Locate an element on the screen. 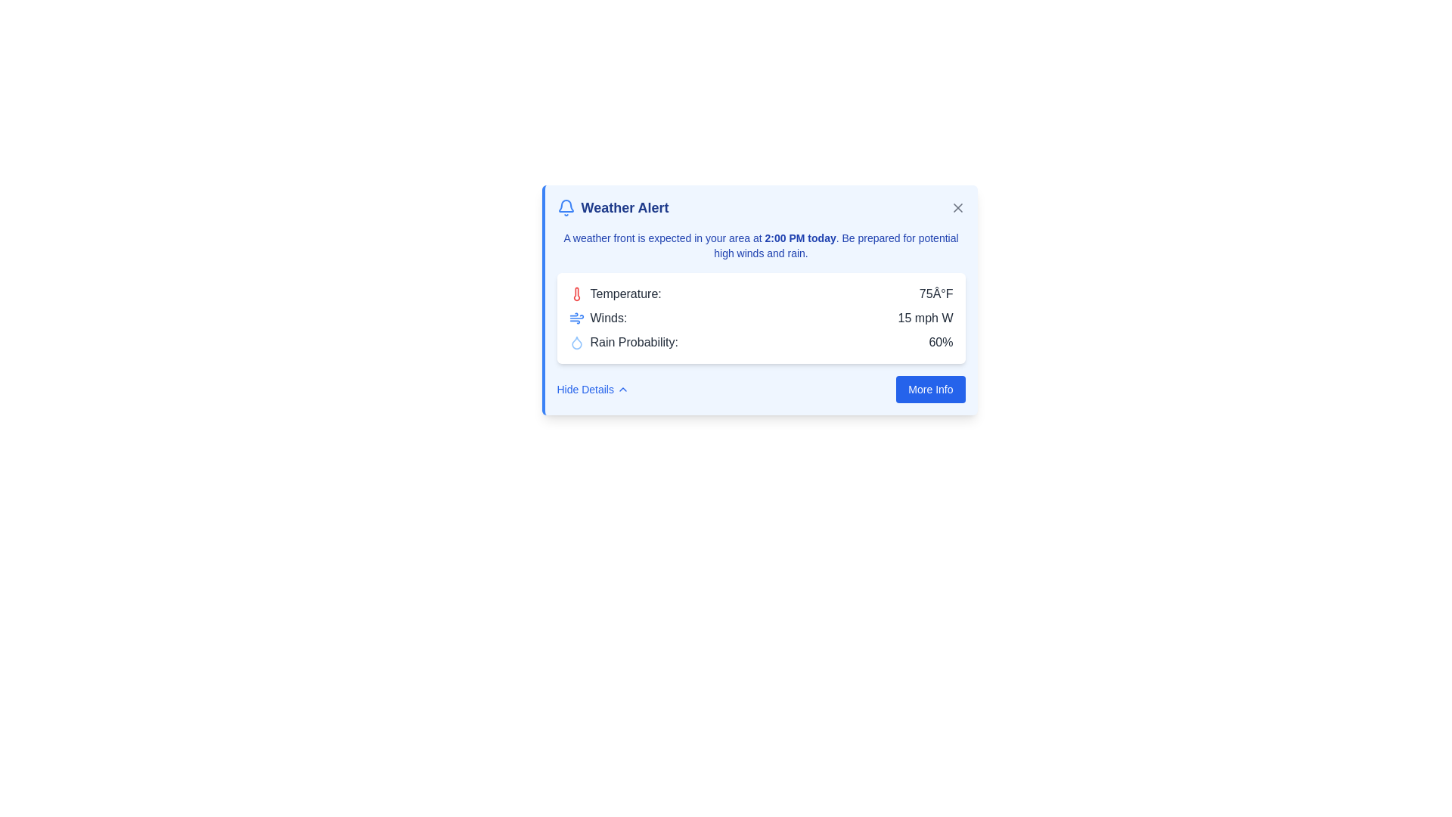 Image resolution: width=1452 pixels, height=817 pixels. the 'X' shape icon located at the top-right corner of the weather alert card is located at coordinates (957, 207).